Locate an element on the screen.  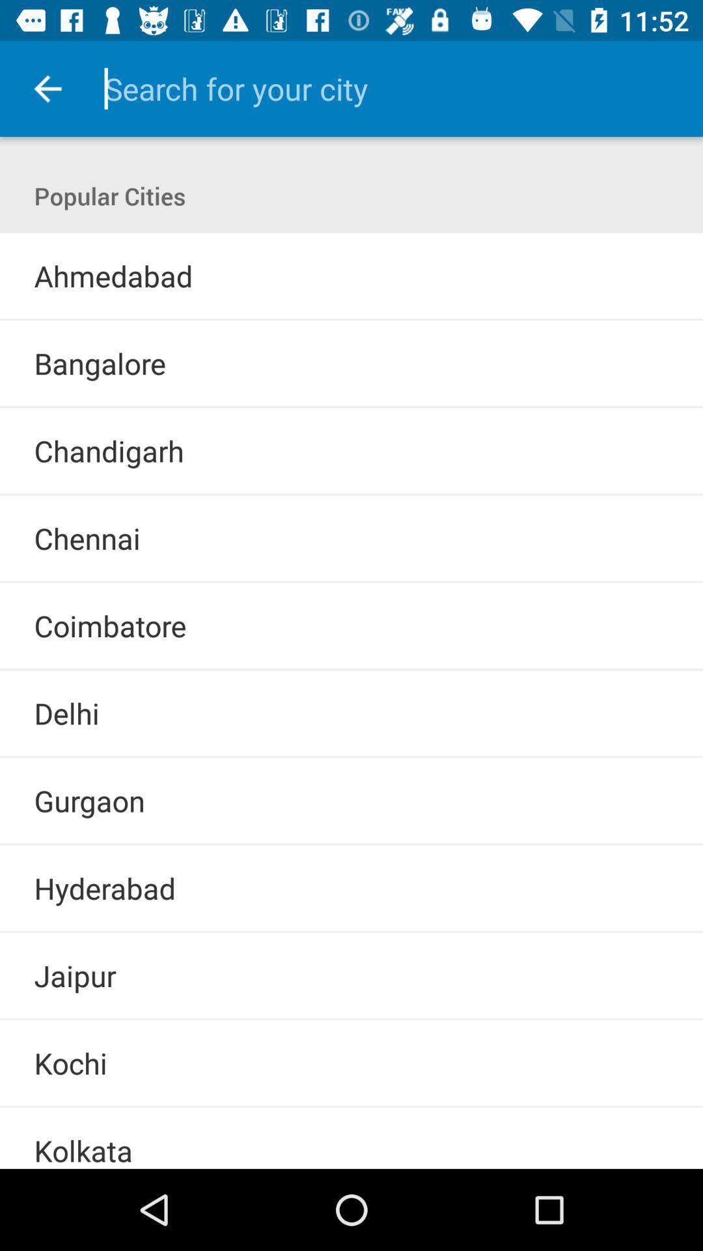
the hyderabad icon is located at coordinates (104, 887).